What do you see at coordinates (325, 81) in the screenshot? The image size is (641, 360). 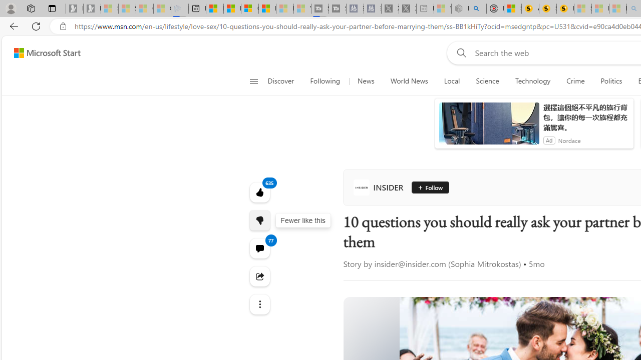 I see `'Following'` at bounding box center [325, 81].